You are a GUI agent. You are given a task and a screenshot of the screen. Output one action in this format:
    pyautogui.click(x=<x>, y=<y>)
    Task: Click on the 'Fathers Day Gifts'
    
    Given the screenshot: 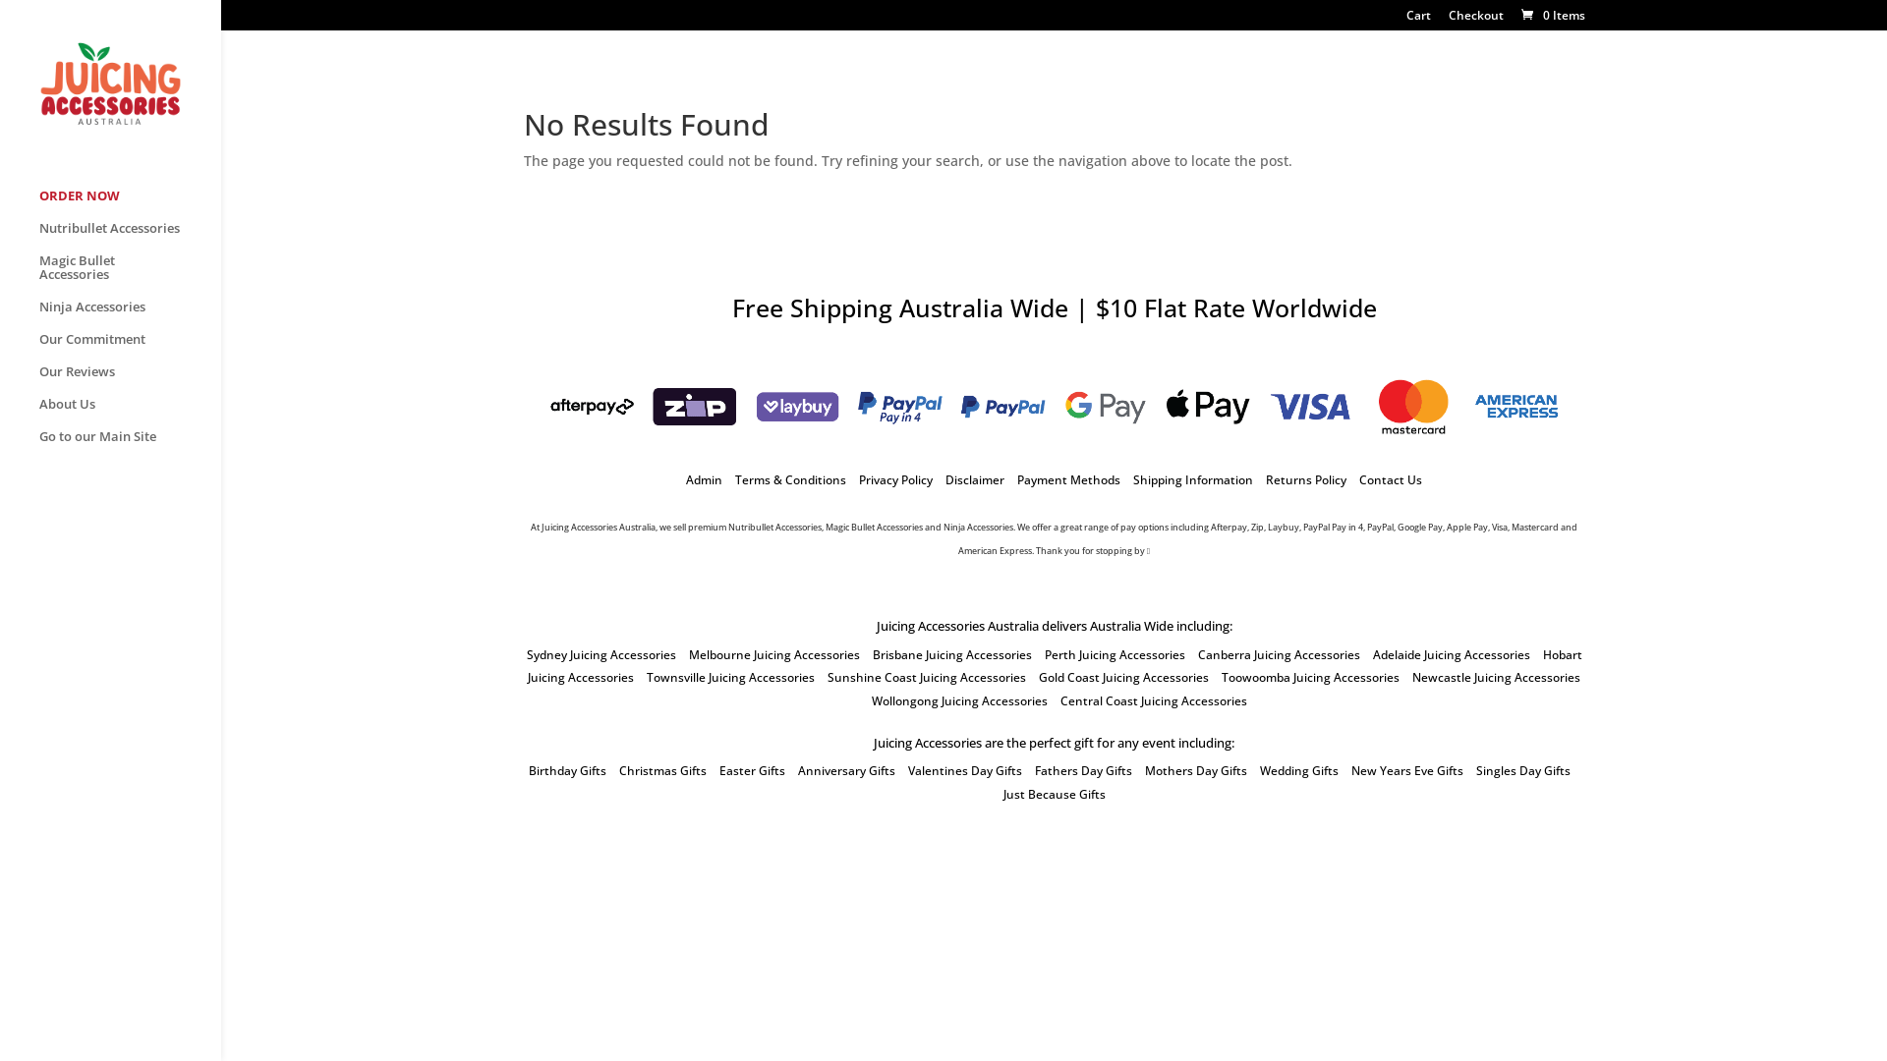 What is the action you would take?
    pyautogui.click(x=1032, y=769)
    